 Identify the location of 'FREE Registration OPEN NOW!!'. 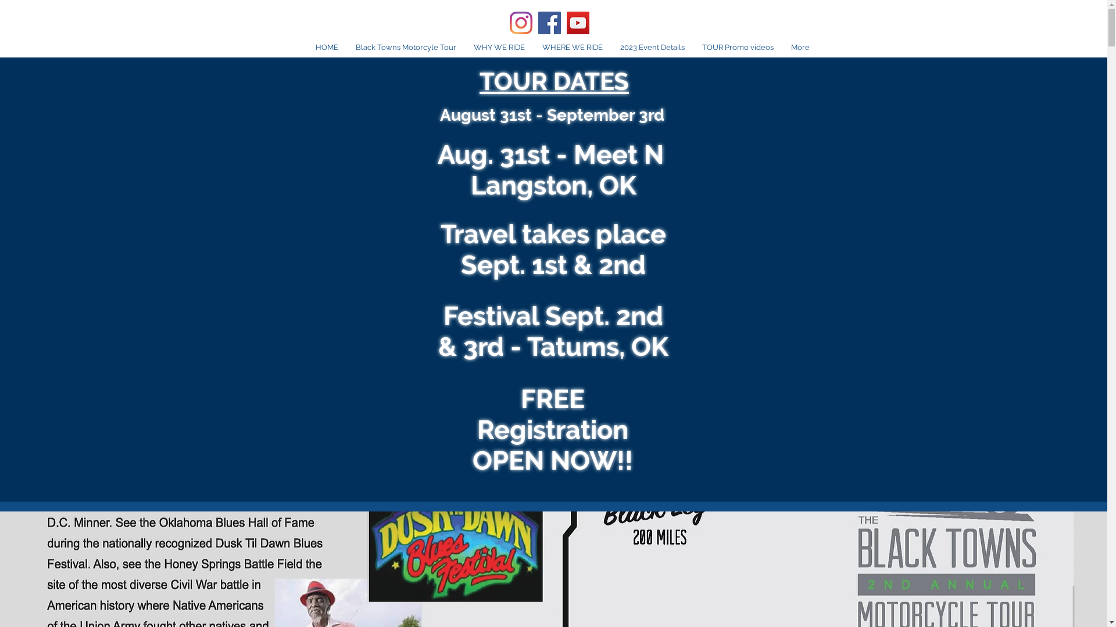
(552, 430).